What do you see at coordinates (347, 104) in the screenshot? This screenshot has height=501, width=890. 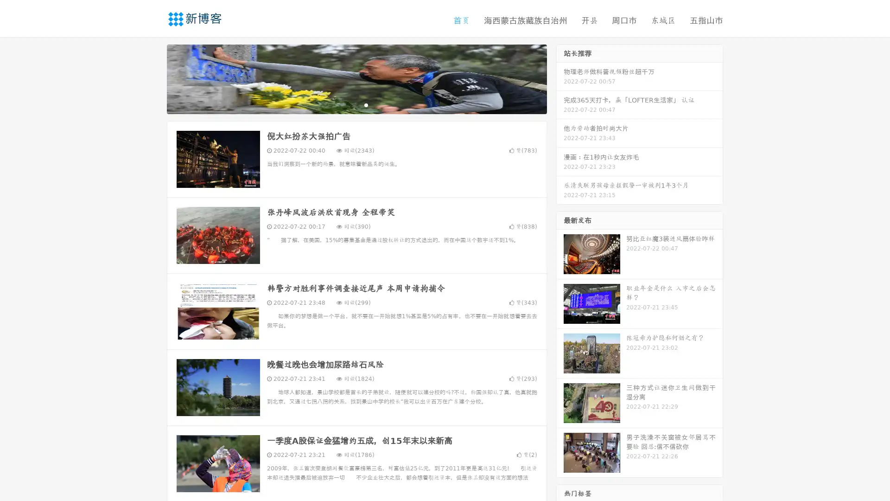 I see `Go to slide 1` at bounding box center [347, 104].